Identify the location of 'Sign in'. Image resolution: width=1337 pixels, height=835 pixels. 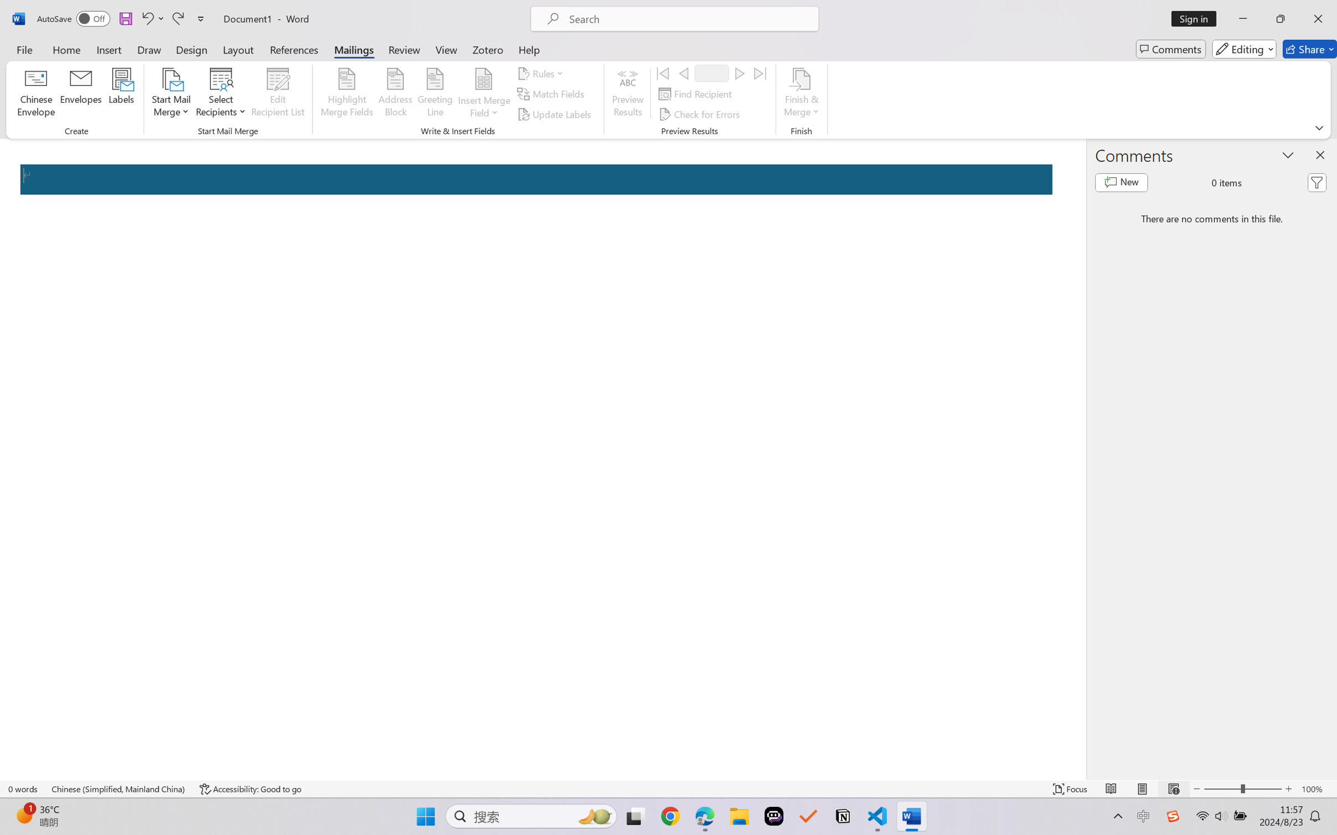
(1198, 18).